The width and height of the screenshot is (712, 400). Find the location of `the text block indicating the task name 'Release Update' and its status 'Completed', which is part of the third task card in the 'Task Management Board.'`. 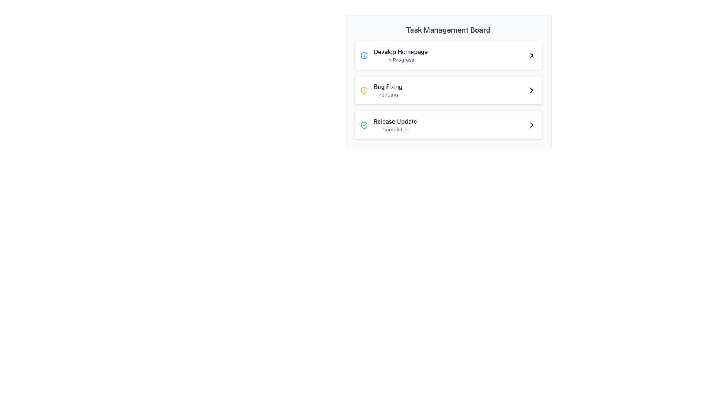

the text block indicating the task name 'Release Update' and its status 'Completed', which is part of the third task card in the 'Task Management Board.' is located at coordinates (395, 125).